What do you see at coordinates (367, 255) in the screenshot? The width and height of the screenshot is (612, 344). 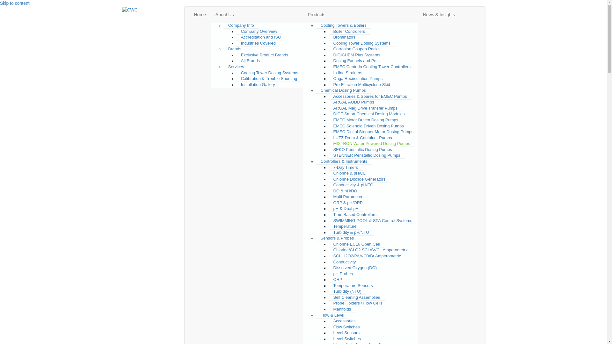 I see `'SCL H2O2/PAA/O3/Br Amperometric'` at bounding box center [367, 255].